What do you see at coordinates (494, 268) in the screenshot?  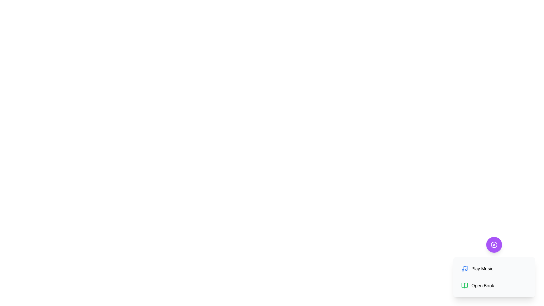 I see `the first button in the vertically stacked list that initiates music playback` at bounding box center [494, 268].